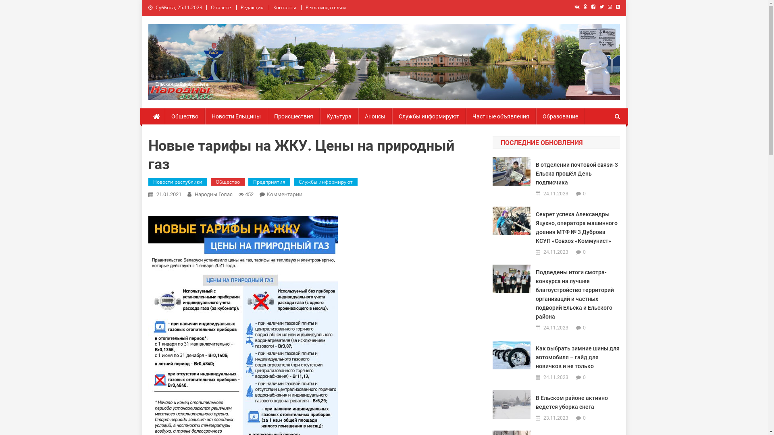  What do you see at coordinates (555, 328) in the screenshot?
I see `'24.11.2023'` at bounding box center [555, 328].